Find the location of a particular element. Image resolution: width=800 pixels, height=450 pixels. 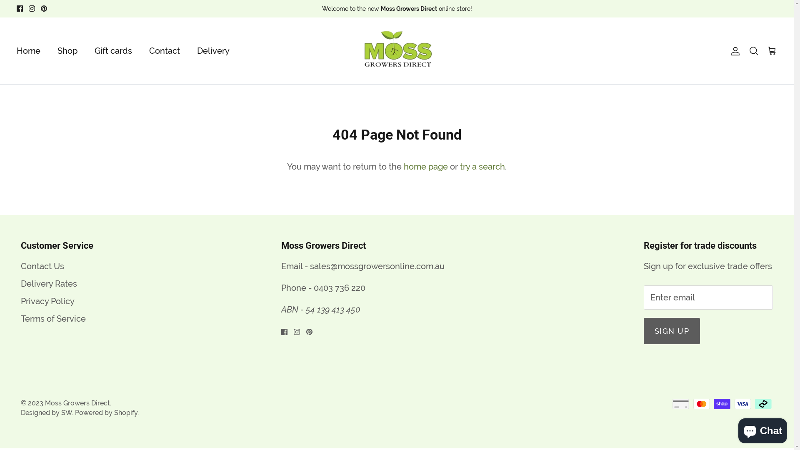

'Facebook' is located at coordinates (20, 8).